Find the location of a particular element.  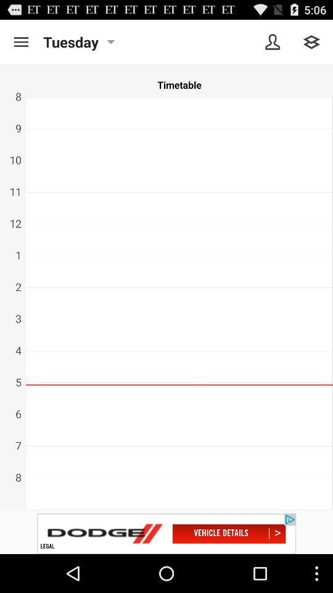

menu pega is located at coordinates (311, 42).